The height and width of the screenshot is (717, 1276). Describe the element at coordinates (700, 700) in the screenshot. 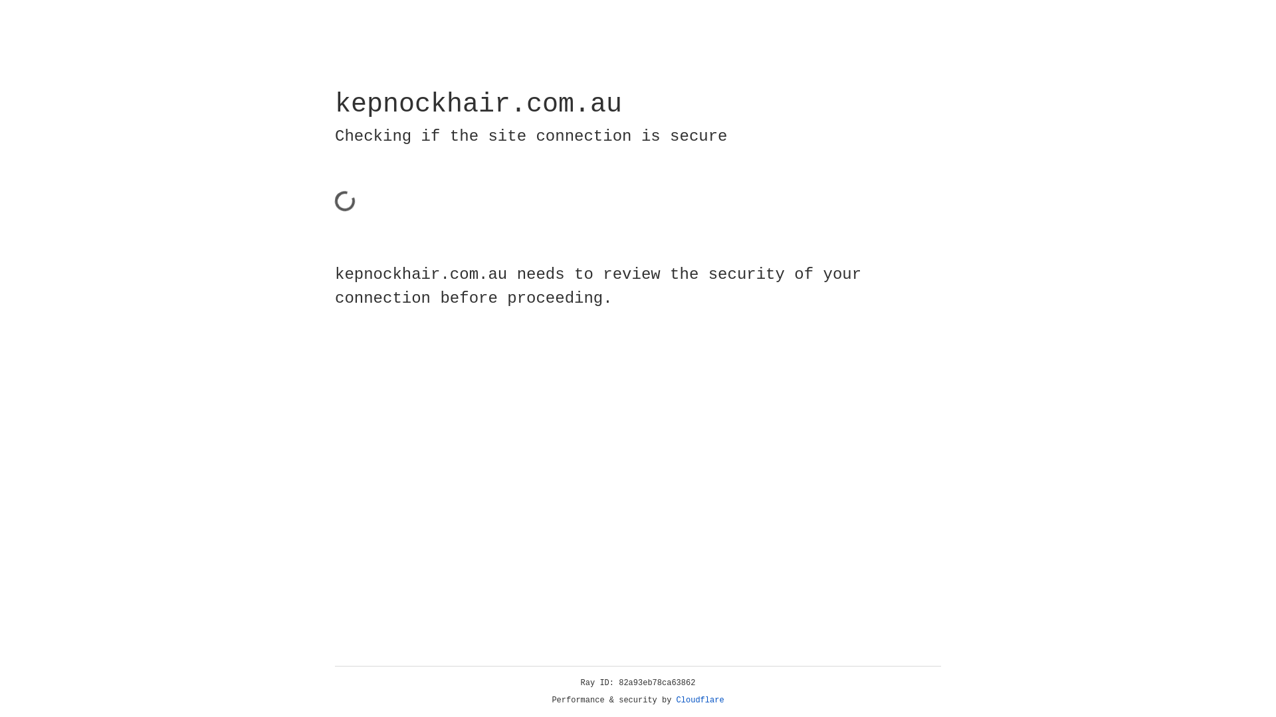

I see `'Cloudflare'` at that location.